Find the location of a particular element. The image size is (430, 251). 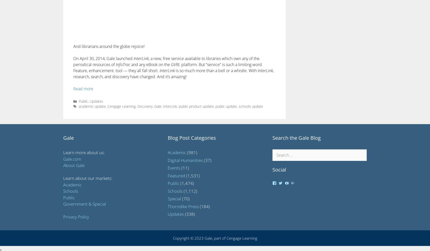

'Thorndike Press' is located at coordinates (183, 206).